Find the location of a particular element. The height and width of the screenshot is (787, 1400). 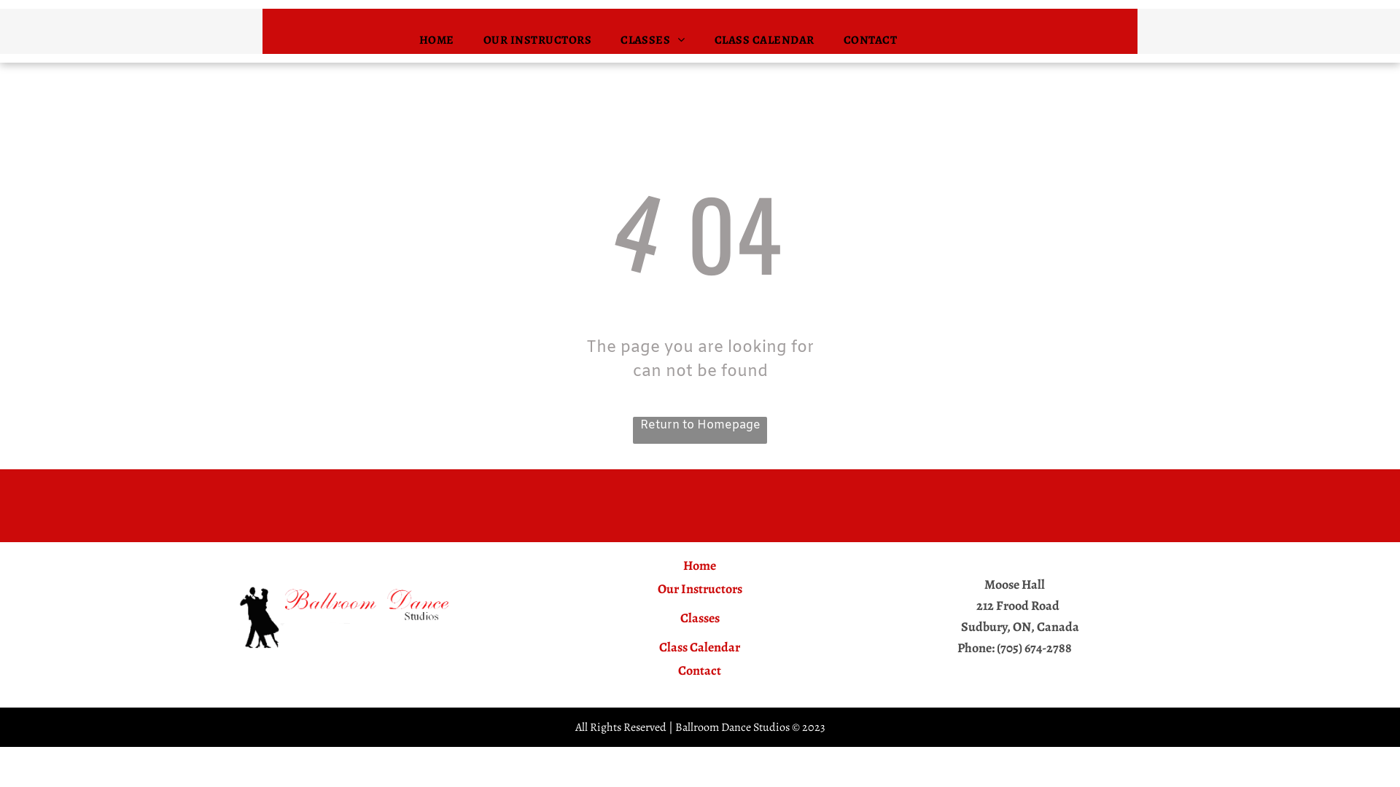

'Class Calendar' is located at coordinates (699, 646).